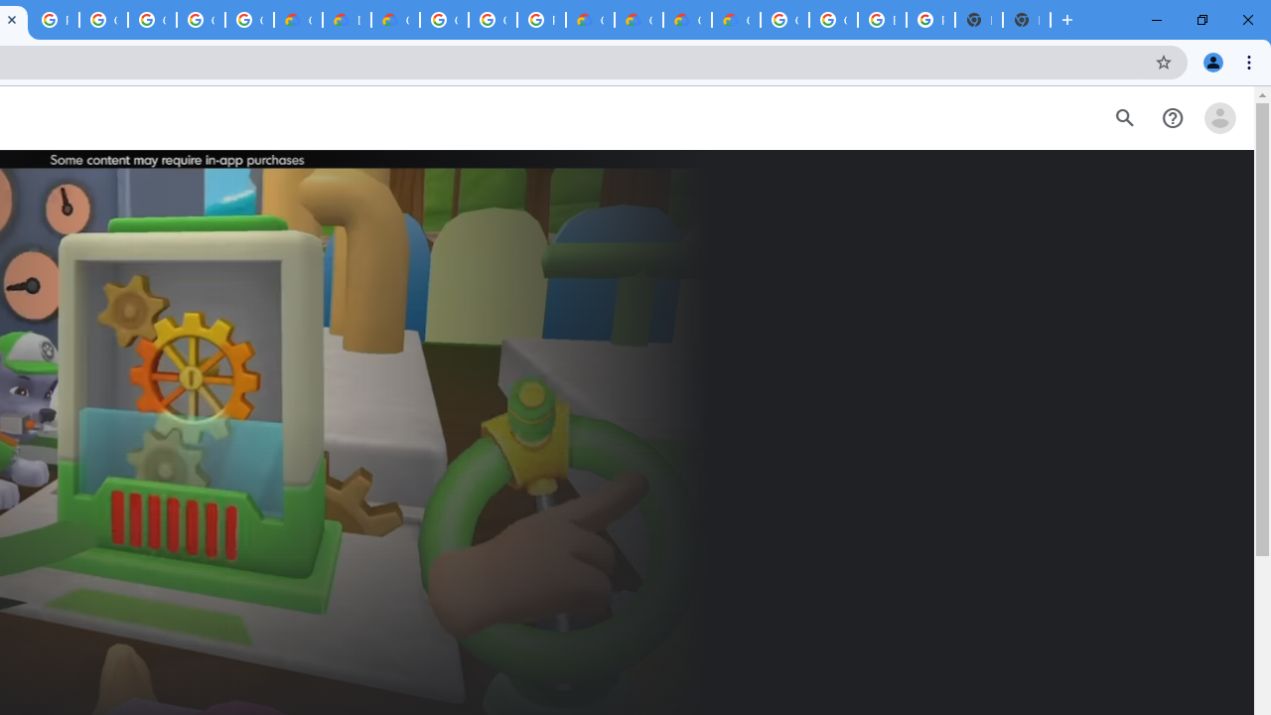 The width and height of the screenshot is (1271, 715). I want to click on 'Gemini for Business and Developers | Google Cloud', so click(395, 20).